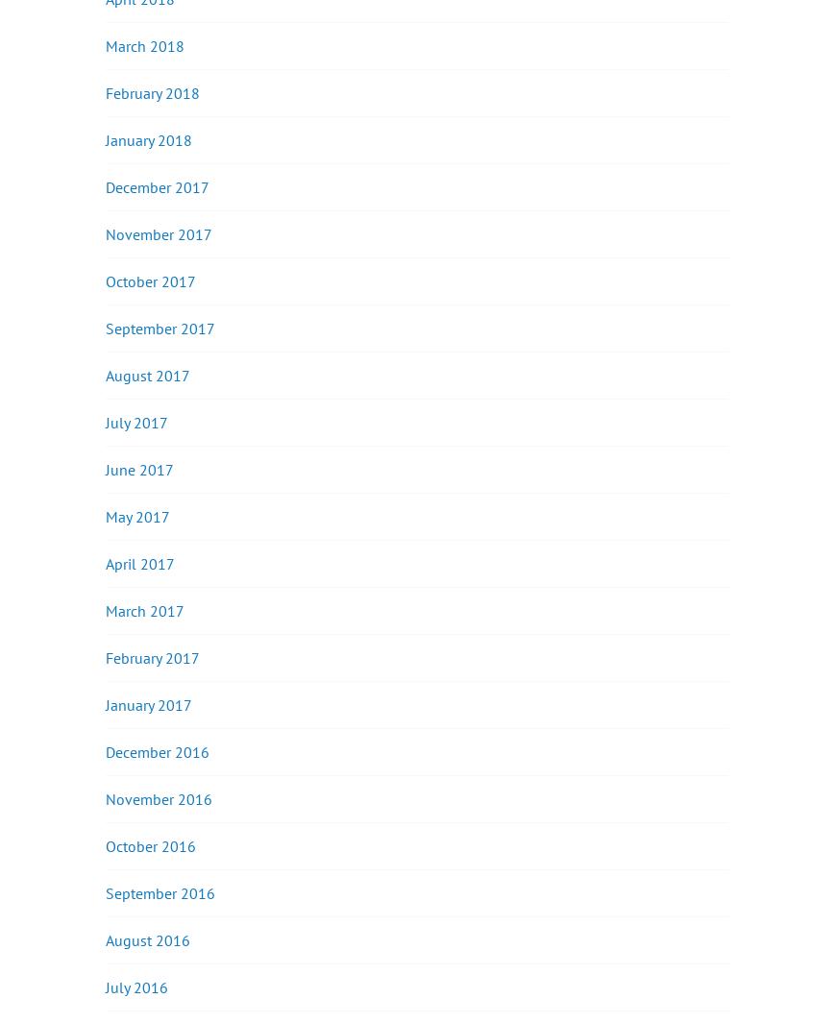 This screenshot has width=834, height=1023. What do you see at coordinates (147, 938) in the screenshot?
I see `'August 2016'` at bounding box center [147, 938].